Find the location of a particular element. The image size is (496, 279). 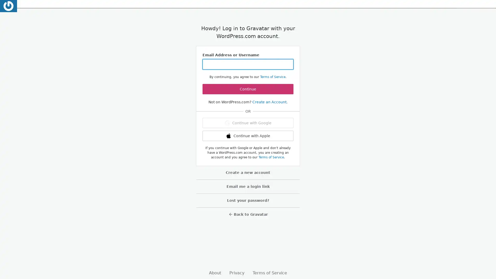

Continue with Google is located at coordinates (248, 123).